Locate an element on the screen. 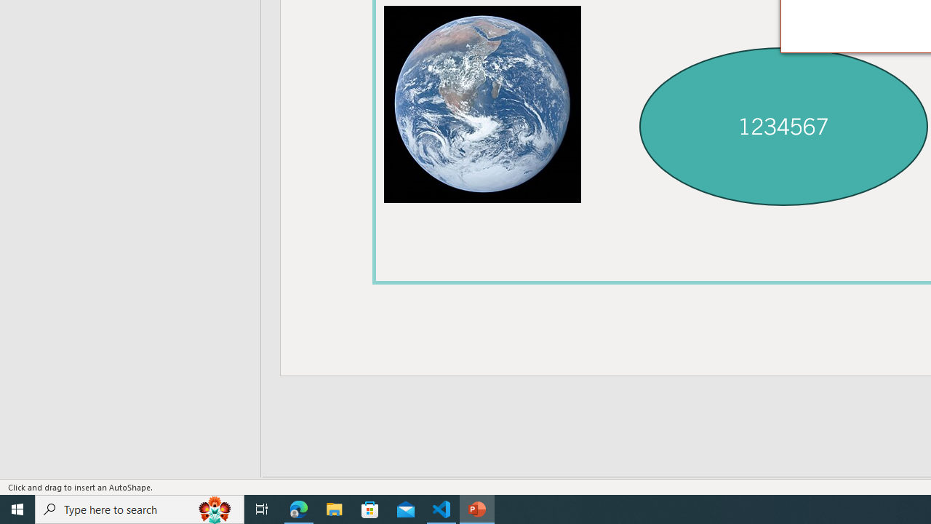  'Microsoft Store' is located at coordinates (370, 508).